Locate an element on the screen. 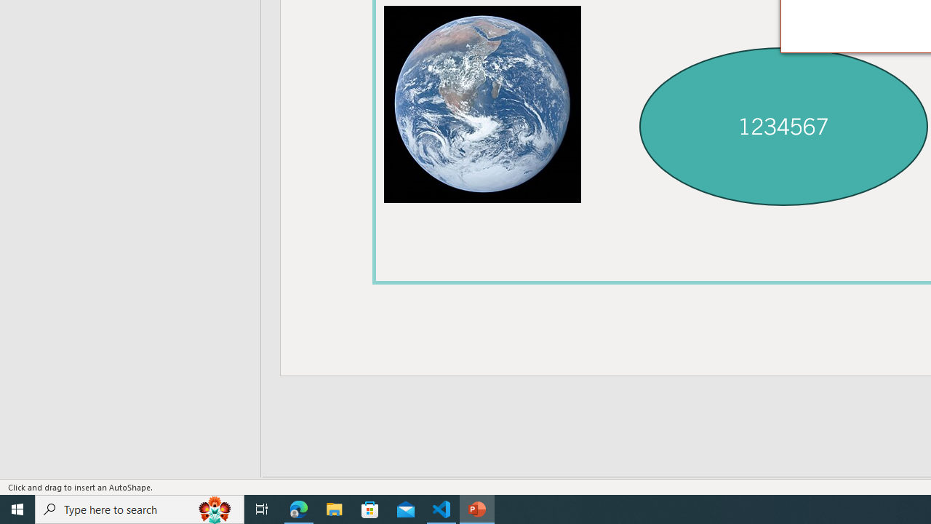  'Microsoft Store' is located at coordinates (370, 508).